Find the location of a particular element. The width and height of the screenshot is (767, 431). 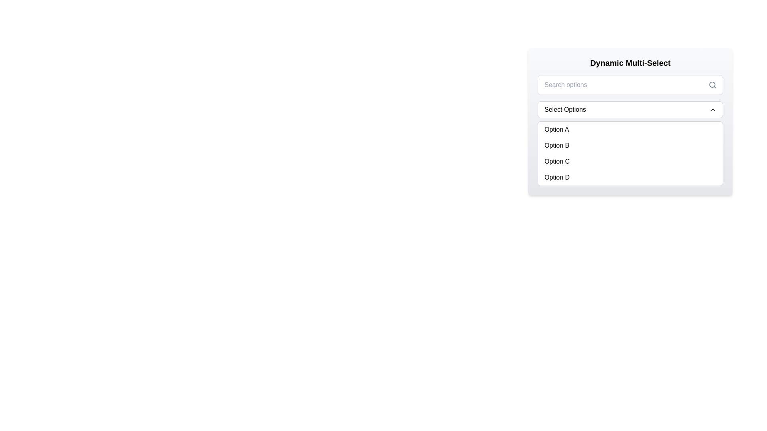

to select the dropdown menu option labeled 'Option B', which is the second item in the list of four options is located at coordinates (630, 146).